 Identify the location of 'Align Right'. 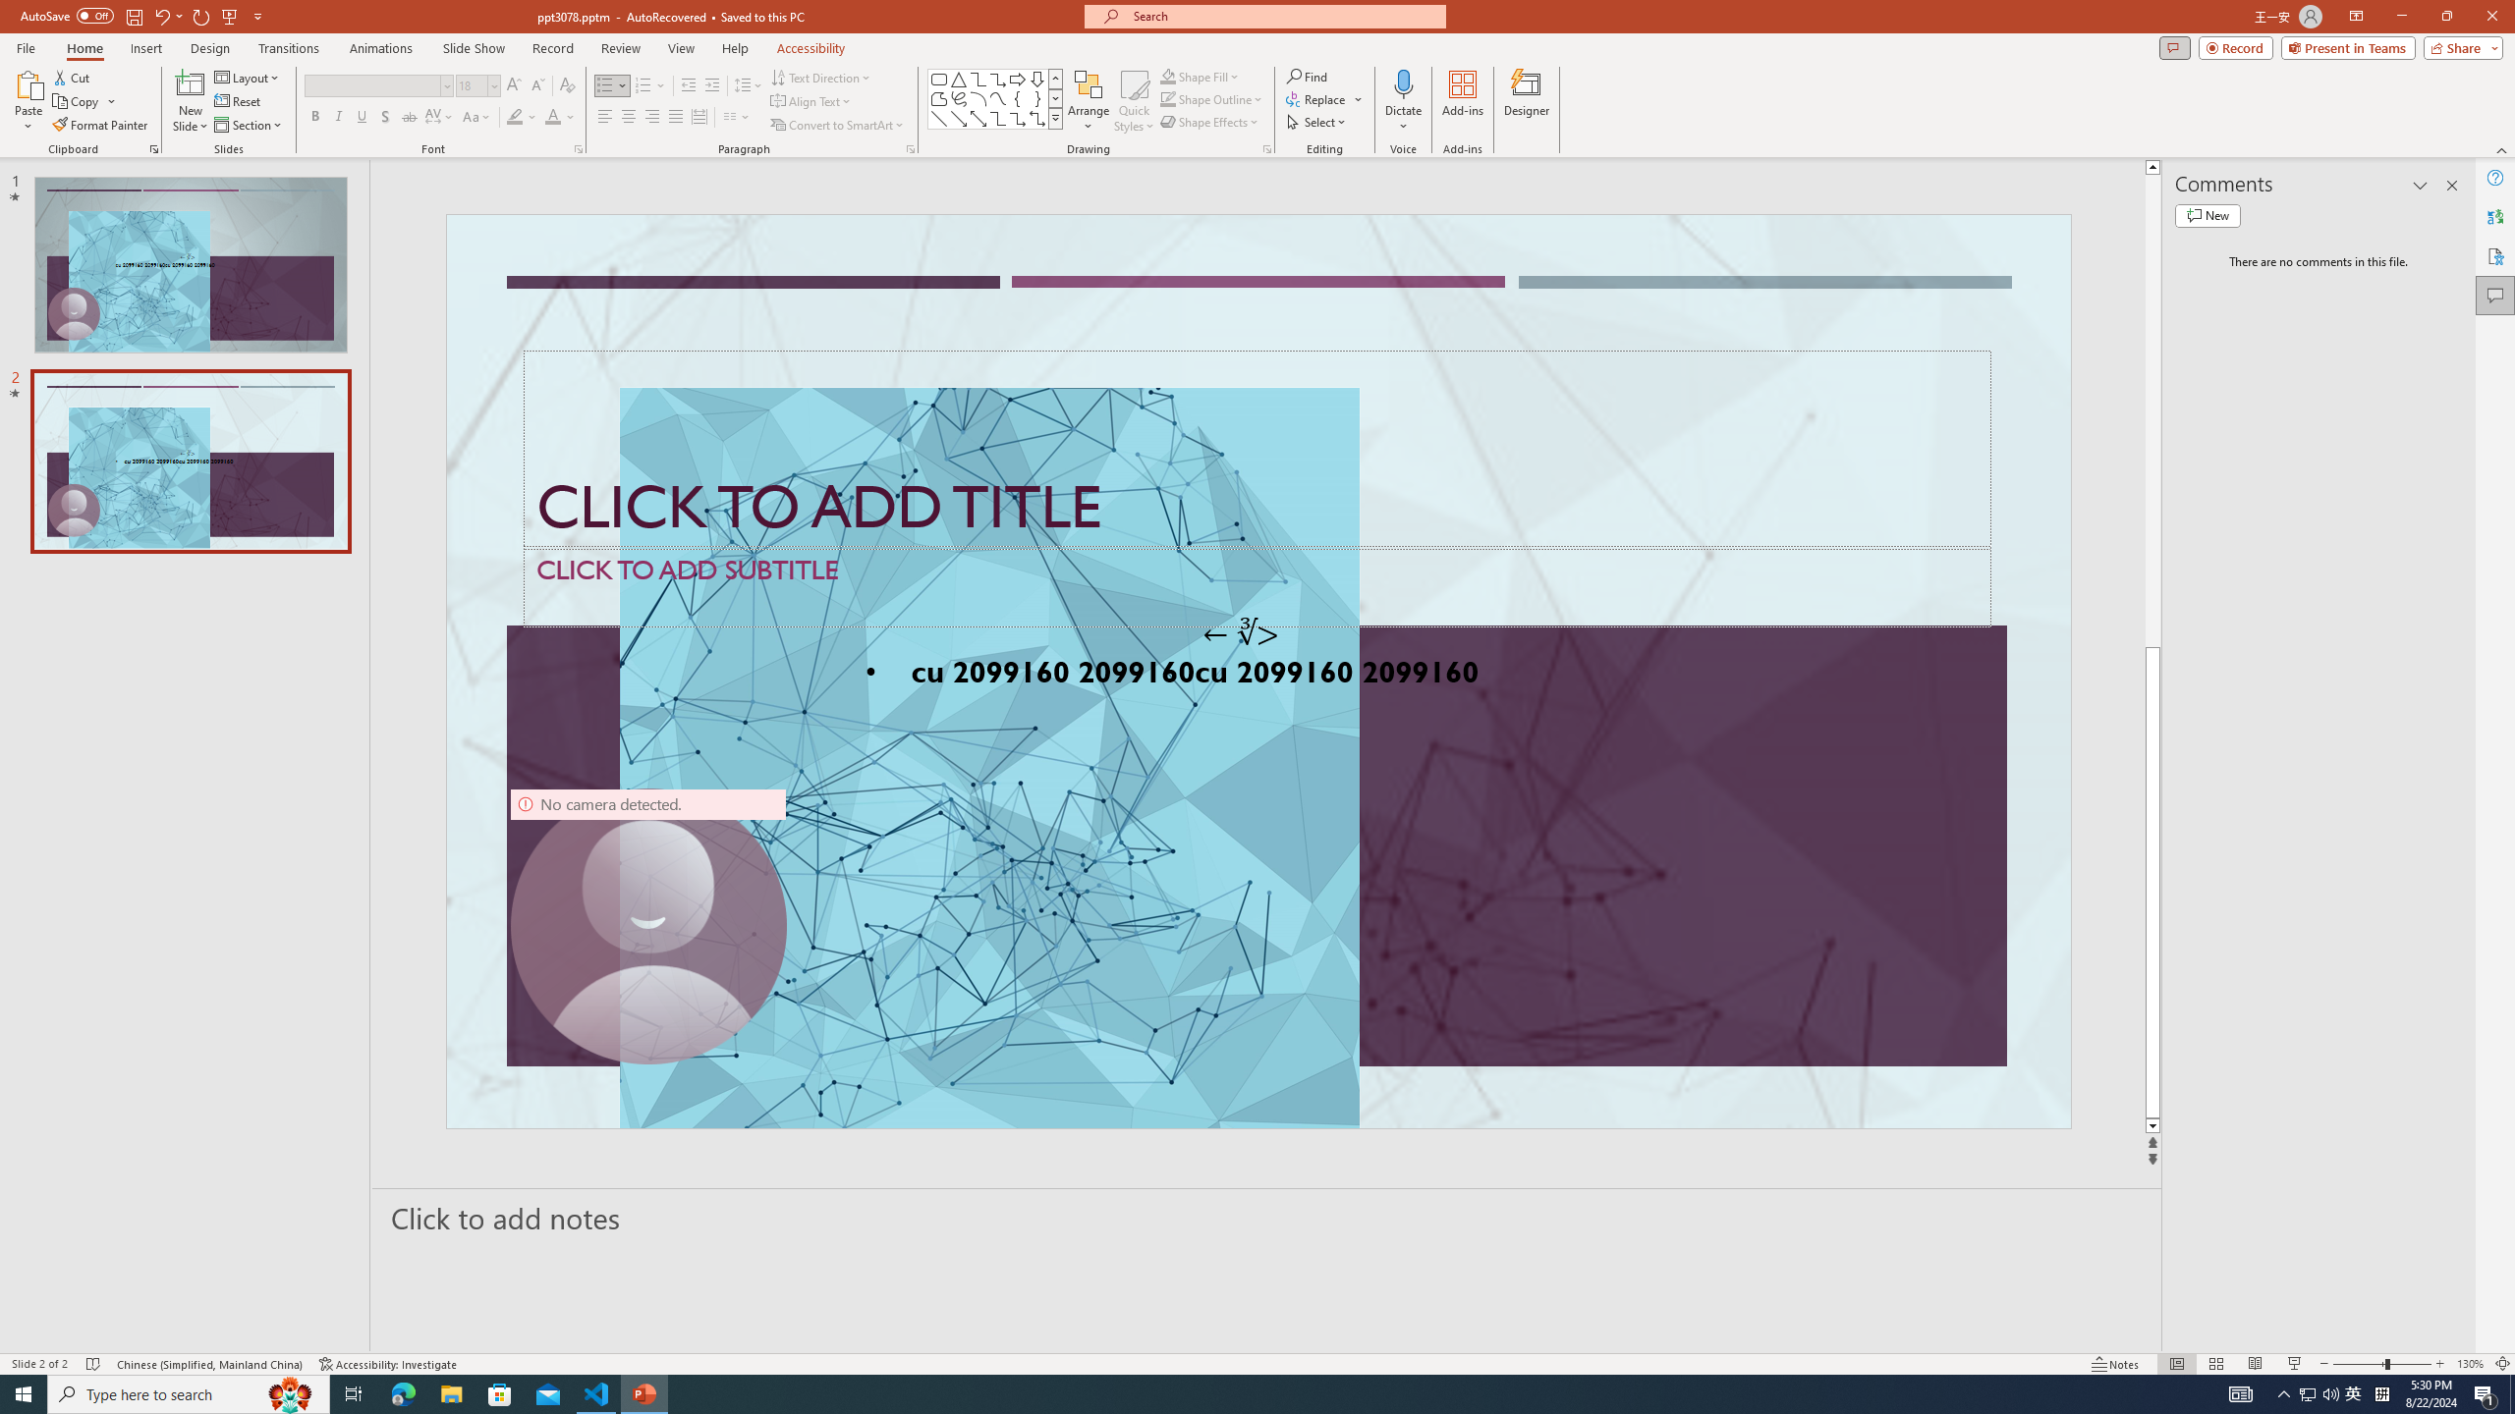
(652, 116).